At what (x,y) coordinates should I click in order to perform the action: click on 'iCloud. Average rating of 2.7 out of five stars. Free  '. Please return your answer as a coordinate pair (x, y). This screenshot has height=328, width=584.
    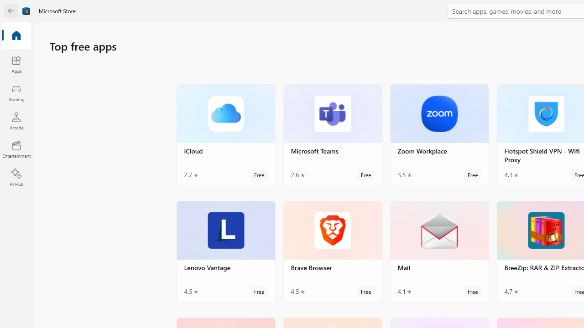
    Looking at the image, I should click on (226, 135).